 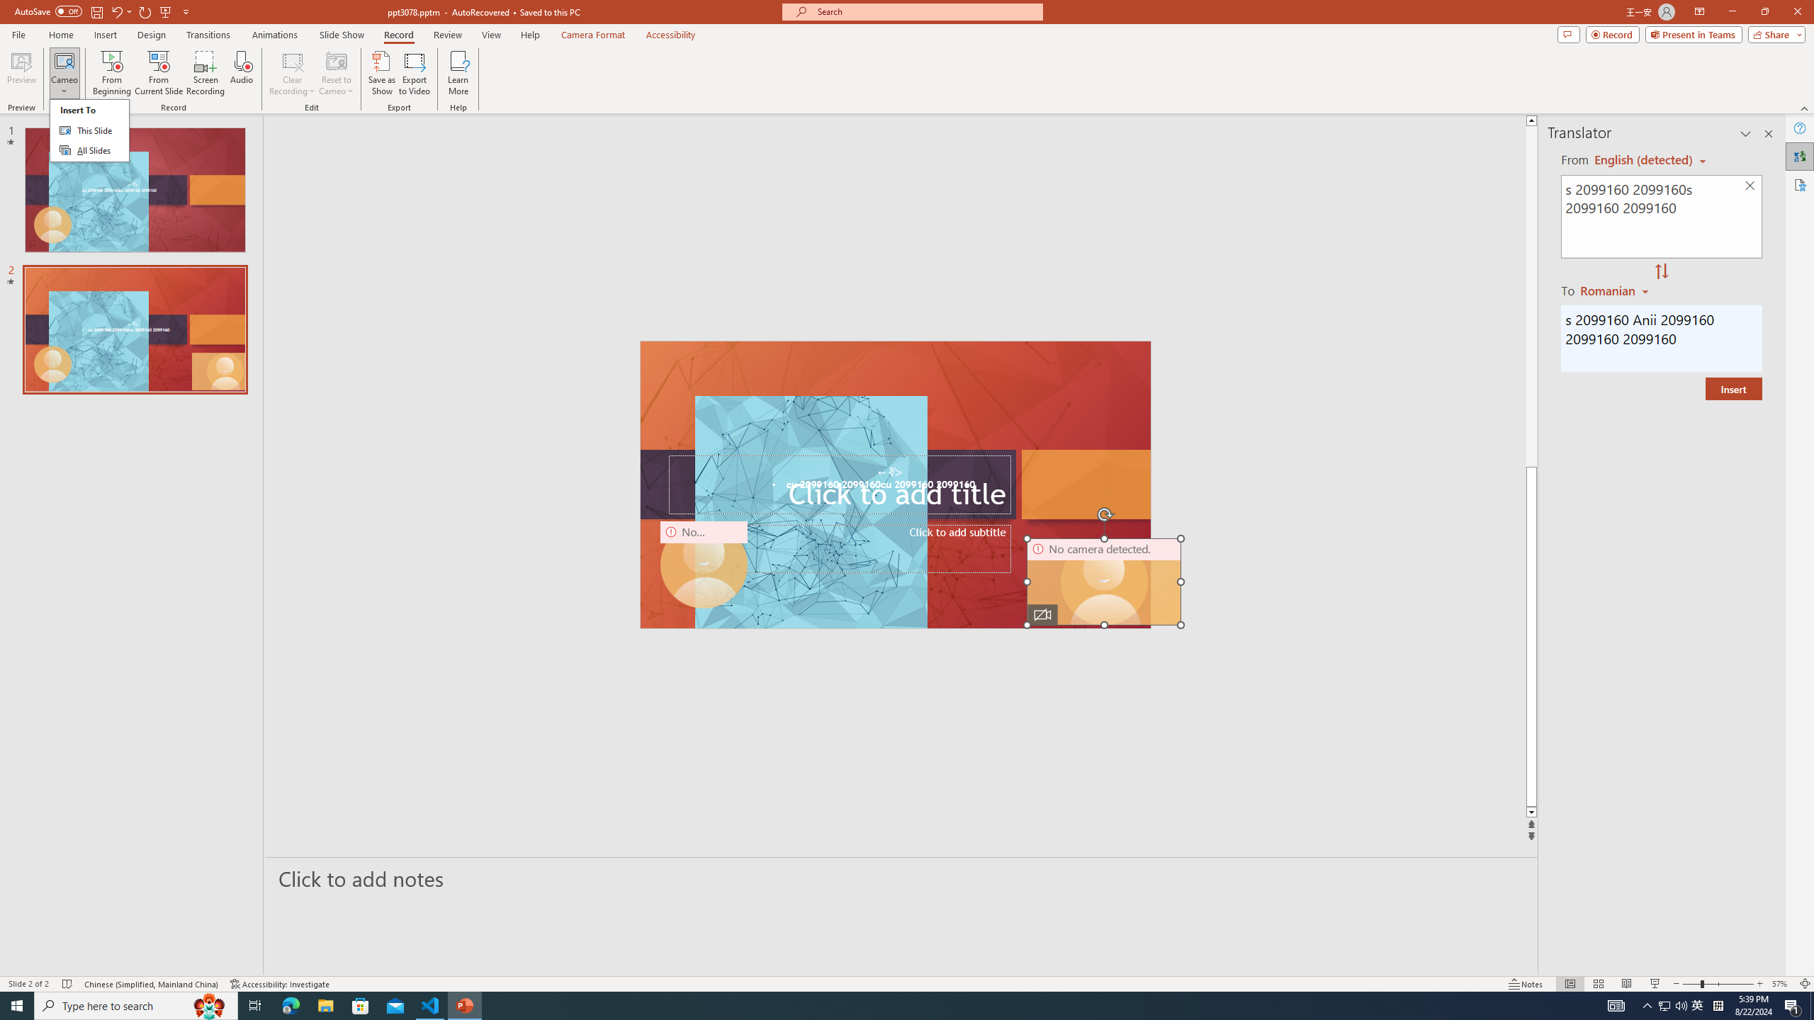 What do you see at coordinates (381, 73) in the screenshot?
I see `'Save as Show'` at bounding box center [381, 73].